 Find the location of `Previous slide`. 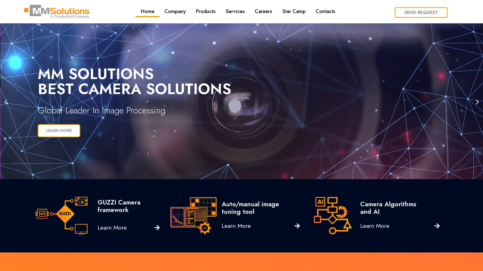

Previous slide is located at coordinates (6, 102).